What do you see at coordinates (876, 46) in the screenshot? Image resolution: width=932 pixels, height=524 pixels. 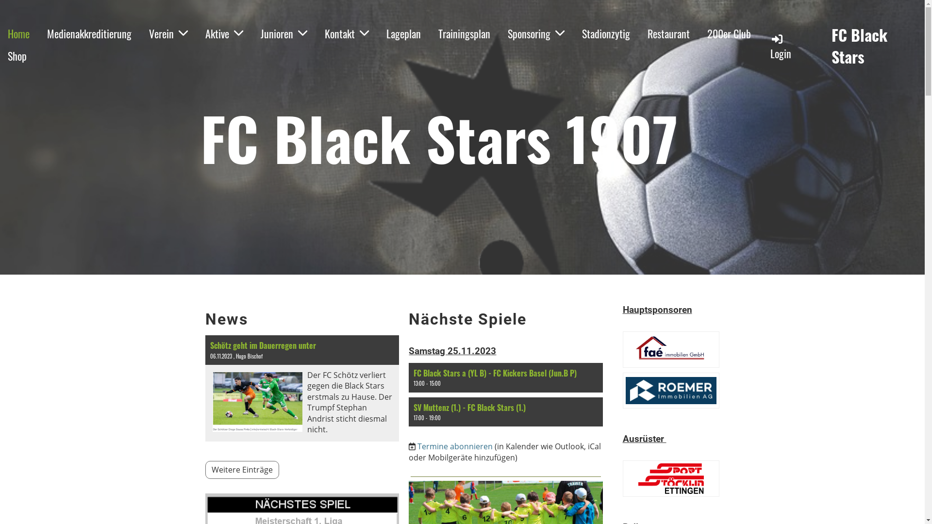 I see `'FC Black Stars'` at bounding box center [876, 46].